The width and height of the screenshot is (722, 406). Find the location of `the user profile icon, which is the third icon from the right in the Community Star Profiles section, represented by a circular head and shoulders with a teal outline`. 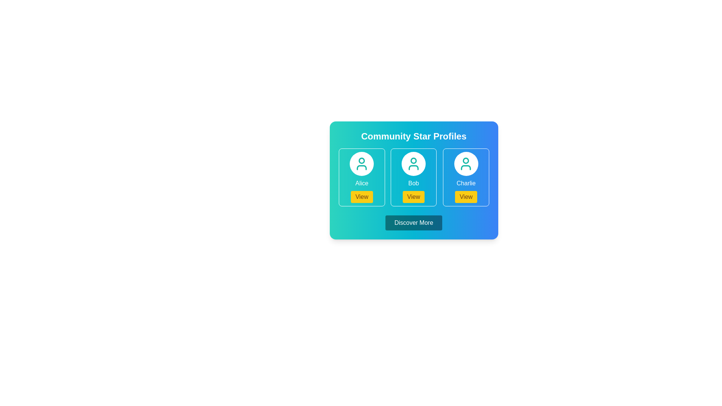

the user profile icon, which is the third icon from the right in the Community Star Profiles section, represented by a circular head and shoulders with a teal outline is located at coordinates (466, 163).